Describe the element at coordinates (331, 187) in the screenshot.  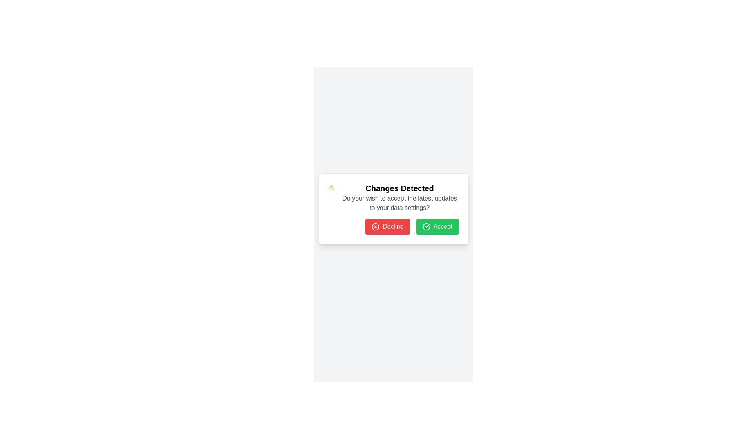
I see `the alert icon located in the upper-left part of the dialog box, next to the 'Changes Detected' title text` at that location.